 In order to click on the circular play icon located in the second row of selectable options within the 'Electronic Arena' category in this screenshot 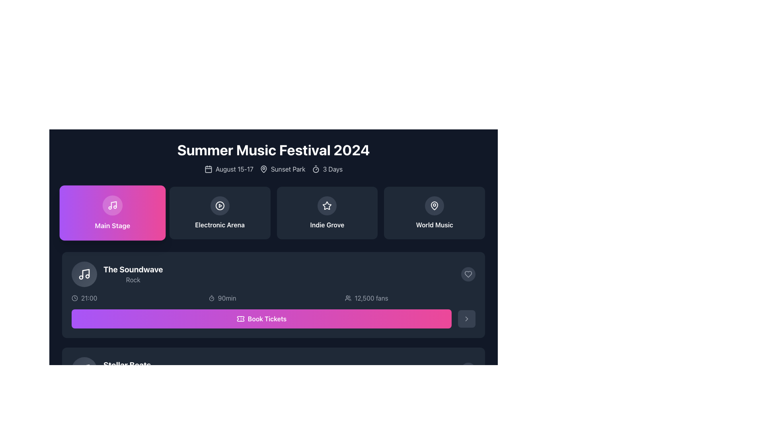, I will do `click(220, 205)`.